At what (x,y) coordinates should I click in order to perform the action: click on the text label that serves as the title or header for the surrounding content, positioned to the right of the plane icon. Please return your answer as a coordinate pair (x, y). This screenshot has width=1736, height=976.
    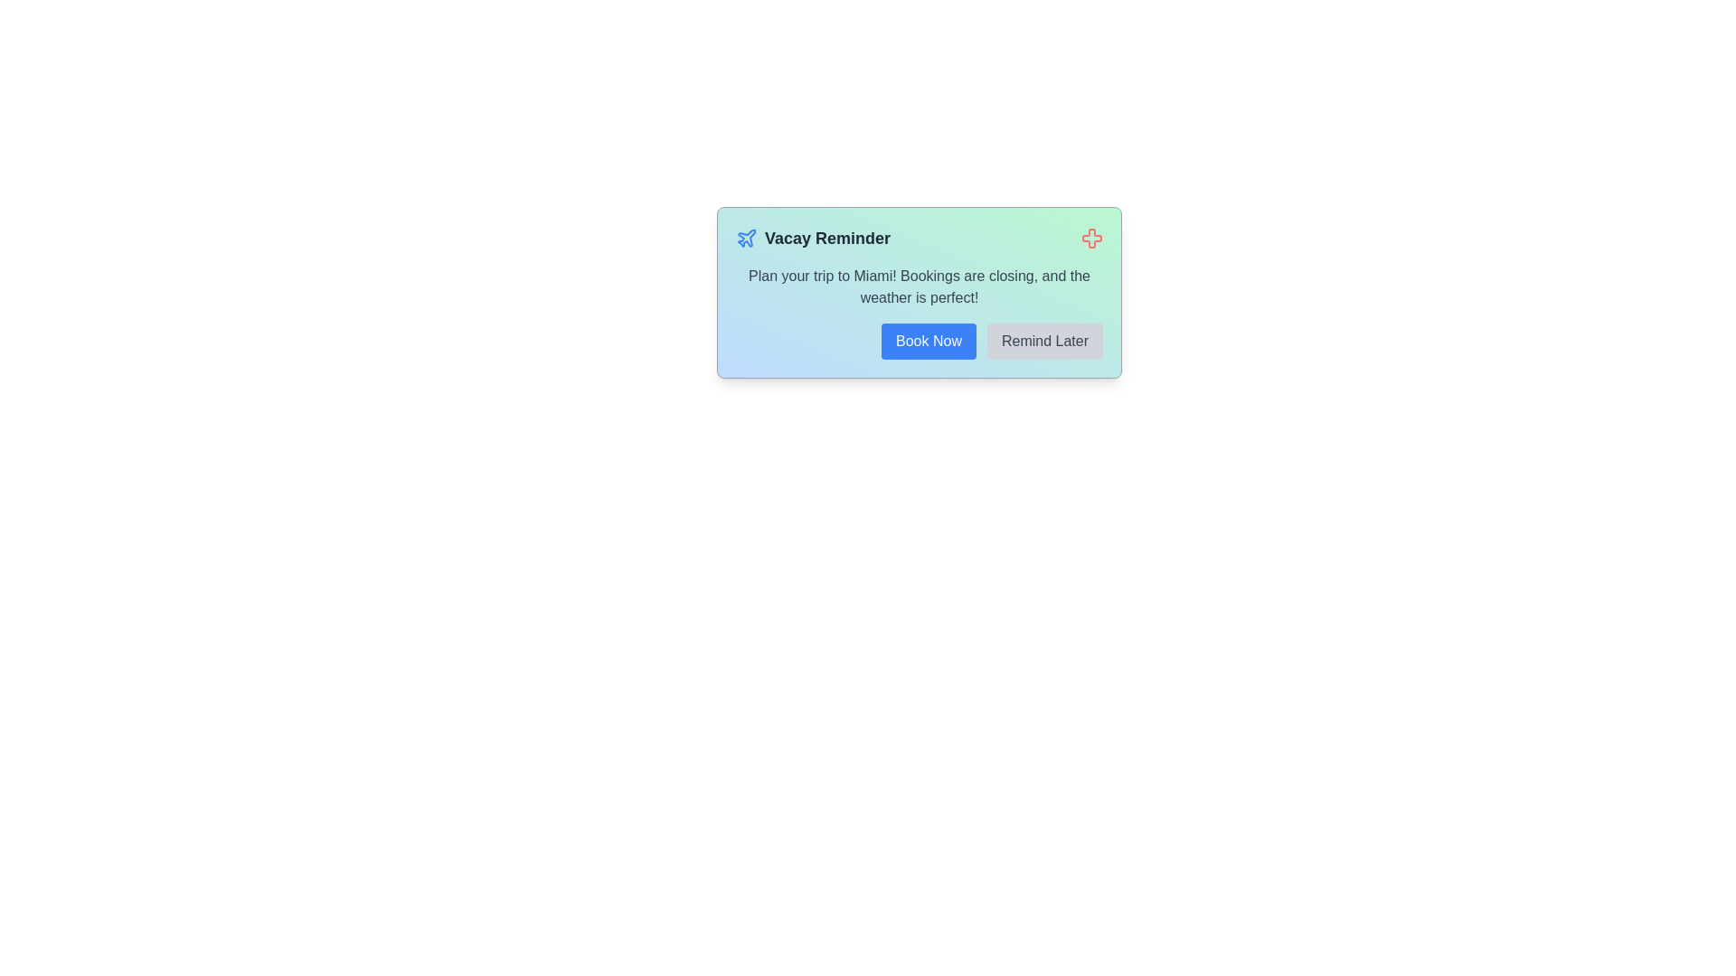
    Looking at the image, I should click on (826, 237).